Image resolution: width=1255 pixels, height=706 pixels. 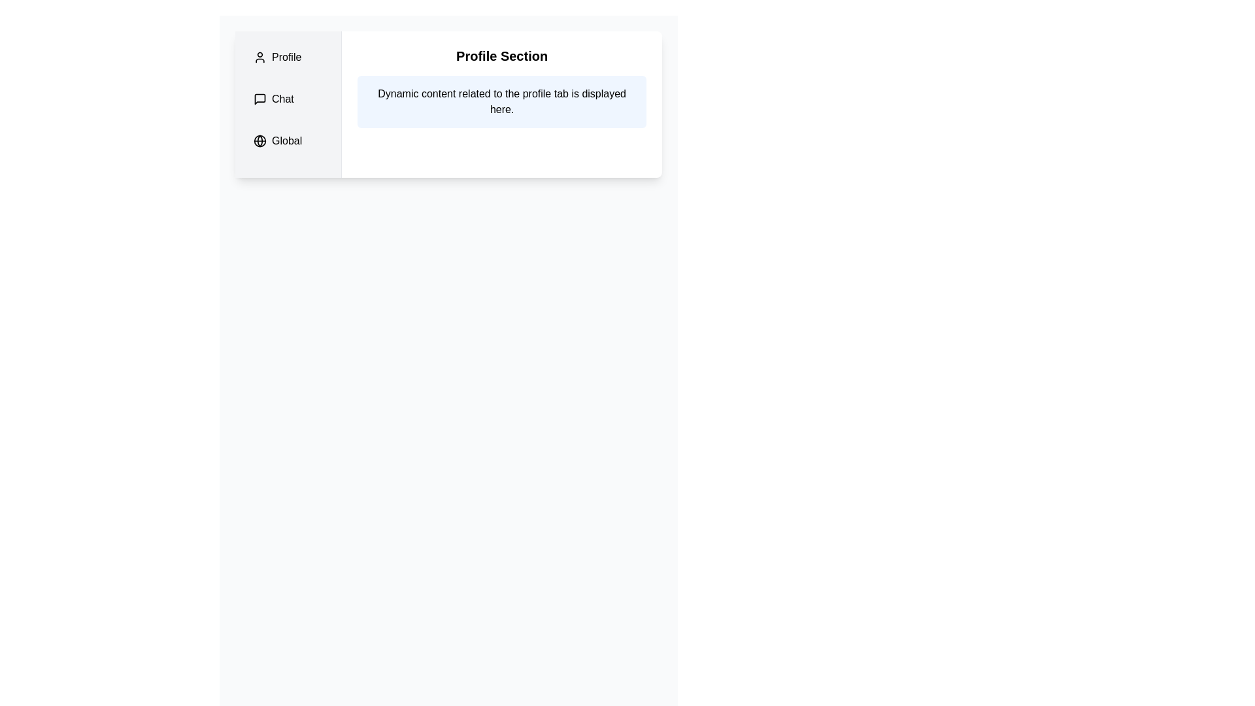 What do you see at coordinates (260, 98) in the screenshot?
I see `the 'Chat' tab icon, which is a speech bubble` at bounding box center [260, 98].